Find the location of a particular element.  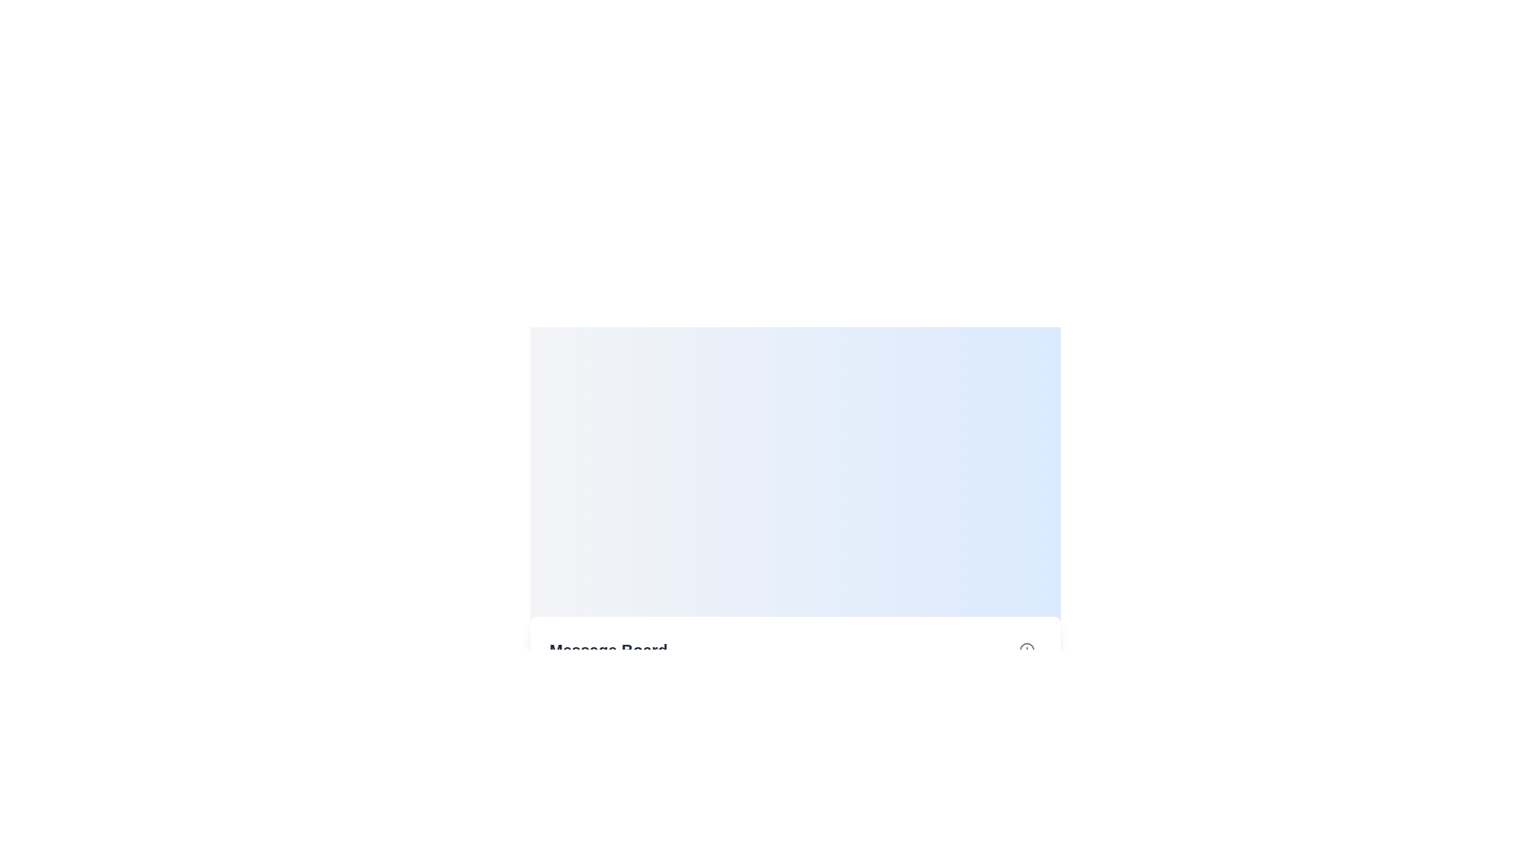

the 'Message Board' text element, which is styled in a bold, extra-large font and positioned prominently near the top-left of the content section is located at coordinates (607, 650).